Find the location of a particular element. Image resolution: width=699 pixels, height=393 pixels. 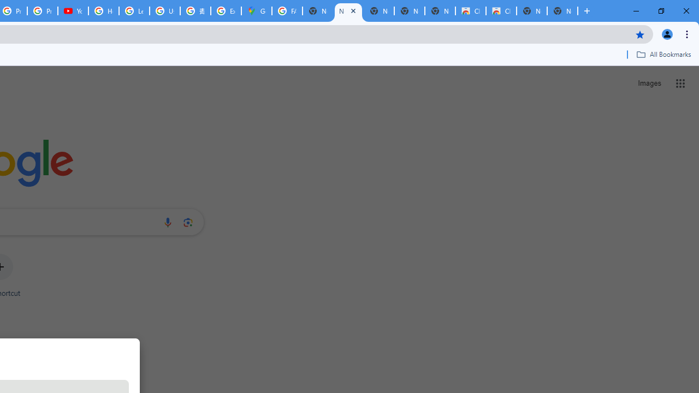

'Privacy Checkup' is located at coordinates (43, 11).